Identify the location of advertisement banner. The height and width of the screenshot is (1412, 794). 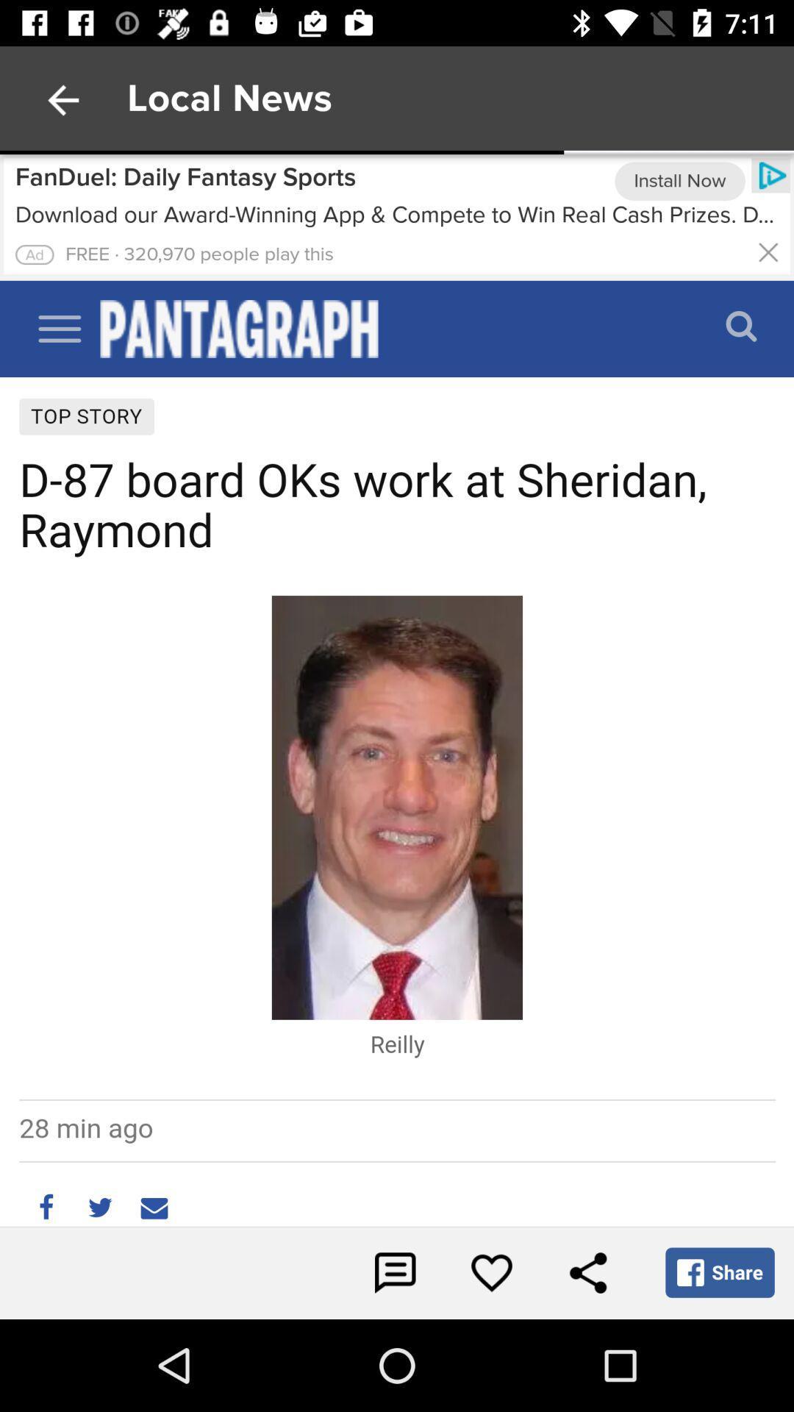
(397, 216).